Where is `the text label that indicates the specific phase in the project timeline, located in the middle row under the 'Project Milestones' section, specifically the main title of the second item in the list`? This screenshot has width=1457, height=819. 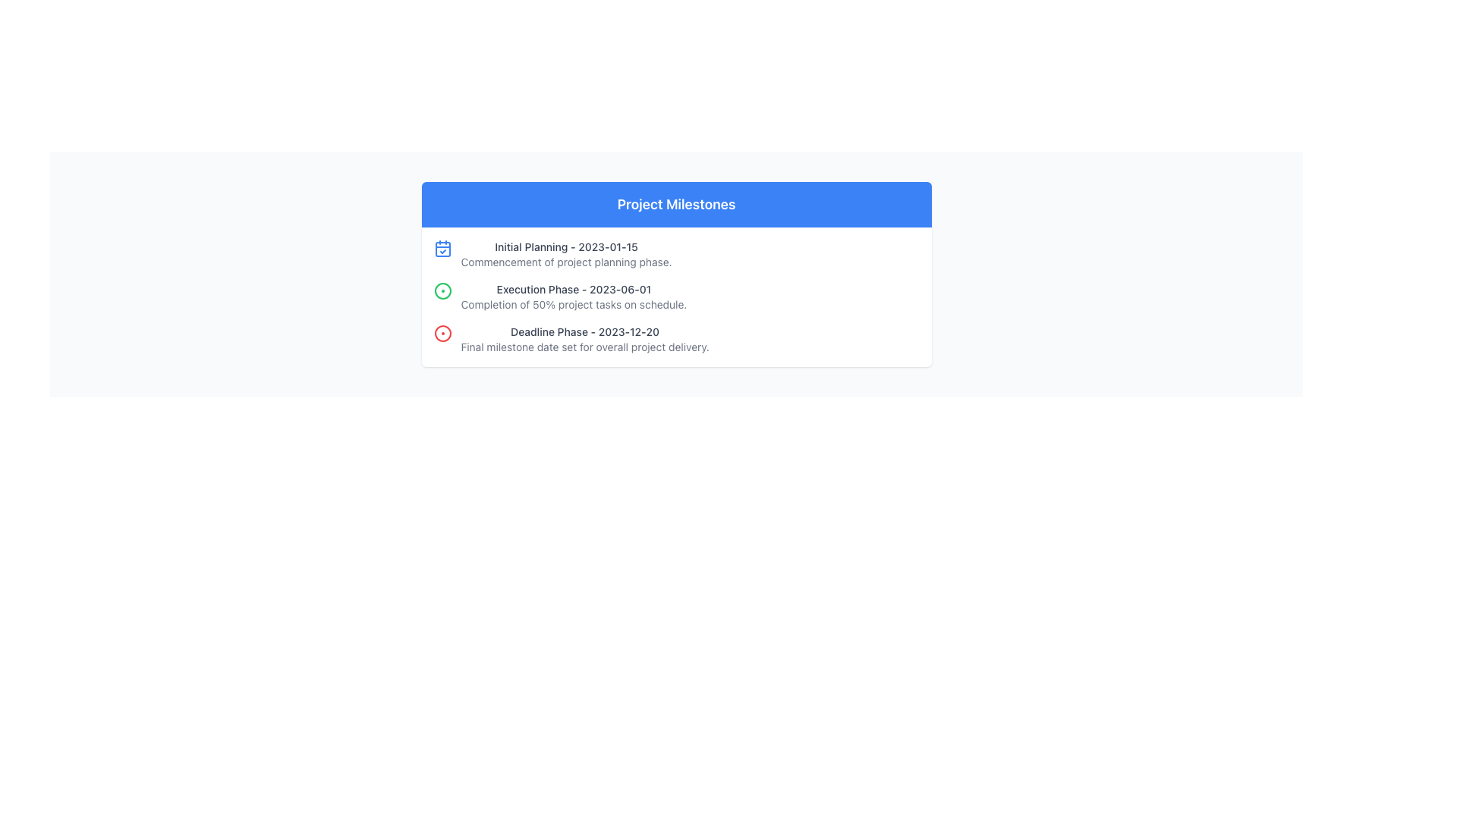 the text label that indicates the specific phase in the project timeline, located in the middle row under the 'Project Milestones' section, specifically the main title of the second item in the list is located at coordinates (573, 289).